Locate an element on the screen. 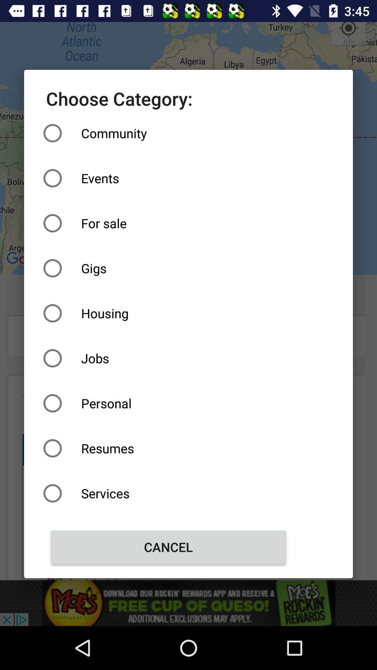 The width and height of the screenshot is (377, 670). services icon is located at coordinates (168, 493).